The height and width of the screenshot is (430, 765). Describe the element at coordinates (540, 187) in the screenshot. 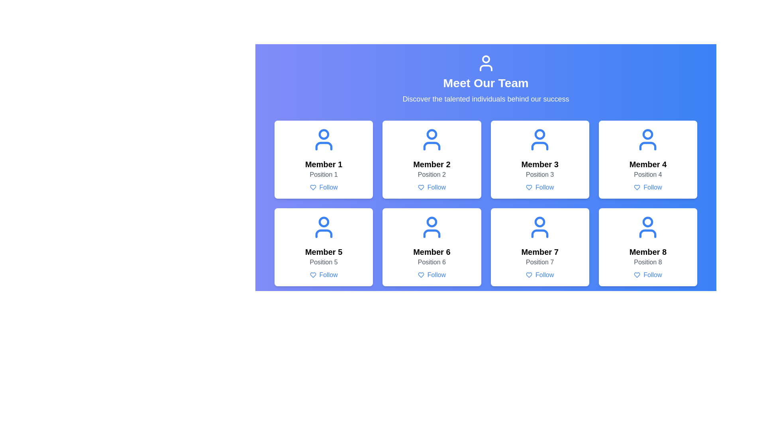

I see `the third 'Follow' button with a blue heart icon and bold blue text below 'Member 3 - Position 3'` at that location.